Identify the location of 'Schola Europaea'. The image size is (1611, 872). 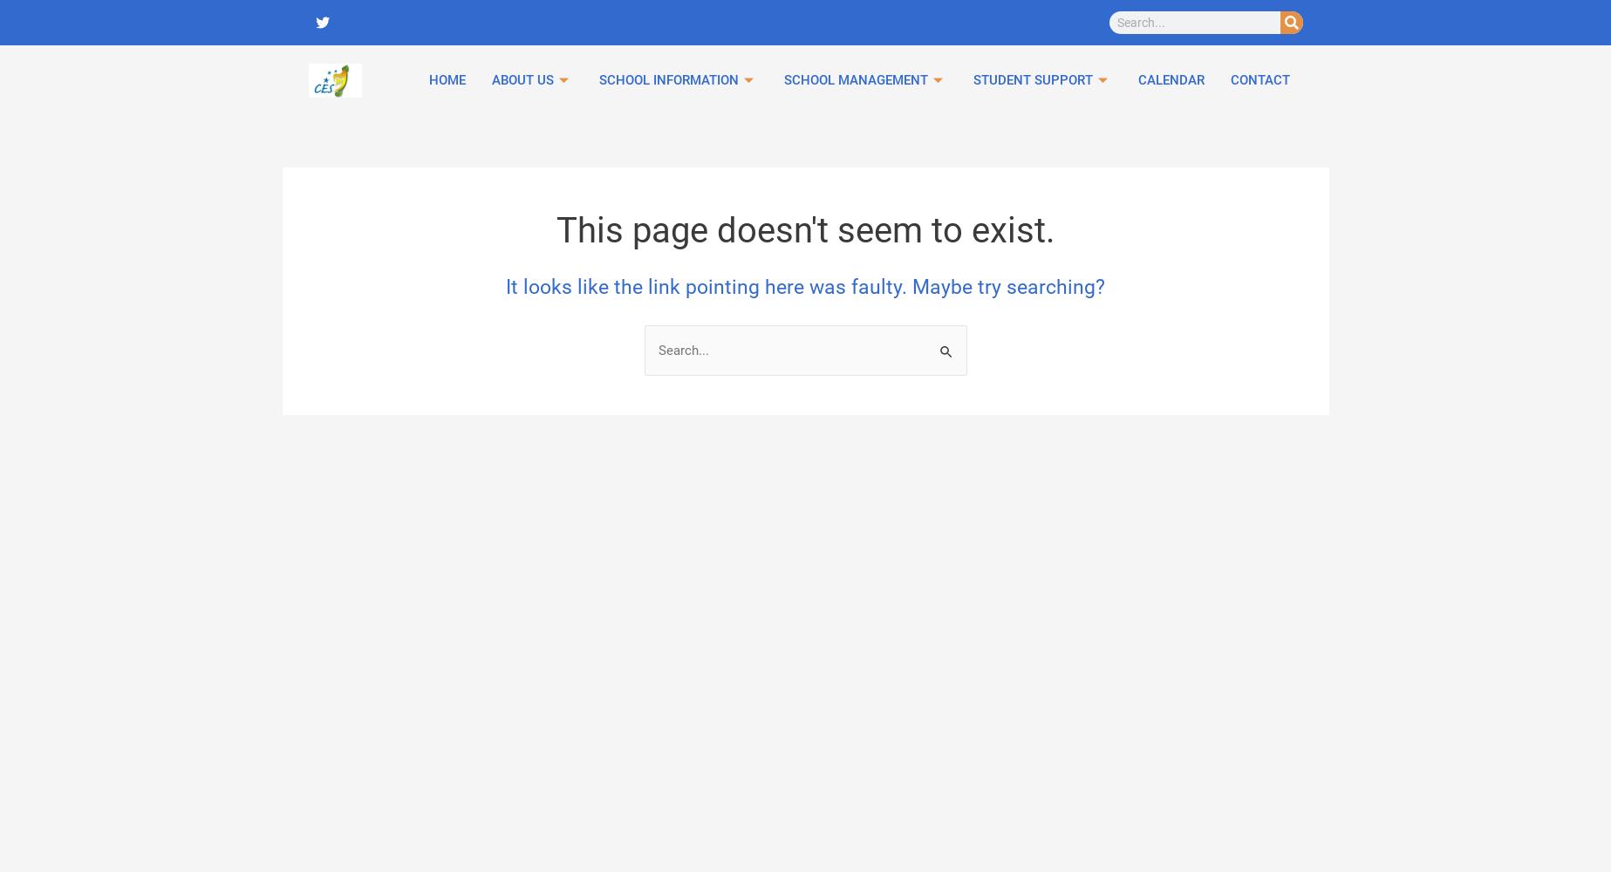
(723, 190).